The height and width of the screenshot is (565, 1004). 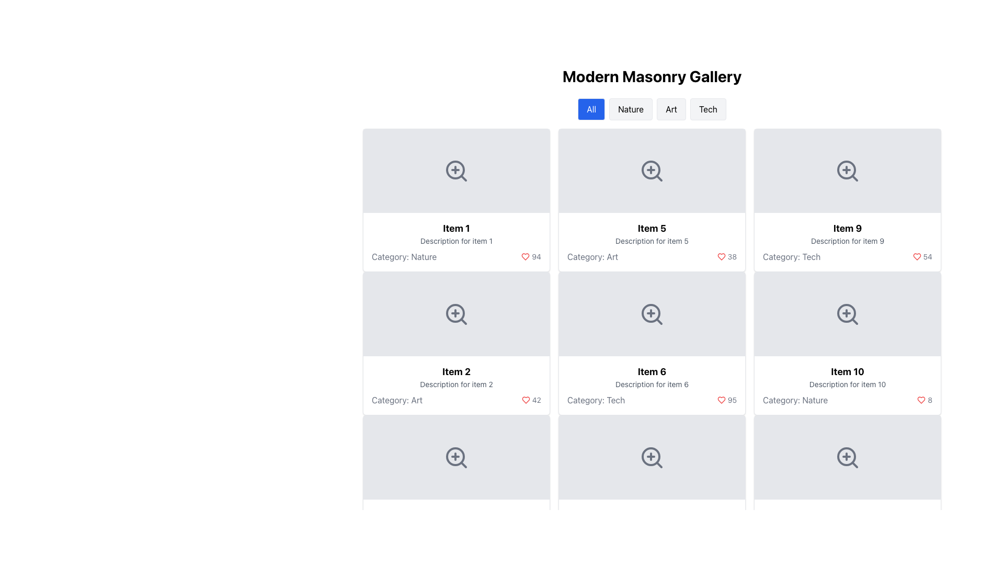 I want to click on the SVG Circle representing the glass portion of the magnifying glass icon in 'Item 2' by clicking on it, so click(x=455, y=312).